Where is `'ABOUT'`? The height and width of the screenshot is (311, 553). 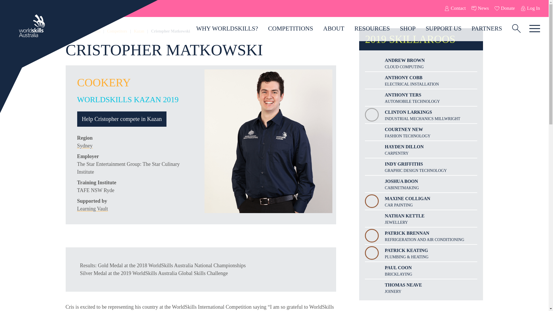 'ABOUT' is located at coordinates (334, 29).